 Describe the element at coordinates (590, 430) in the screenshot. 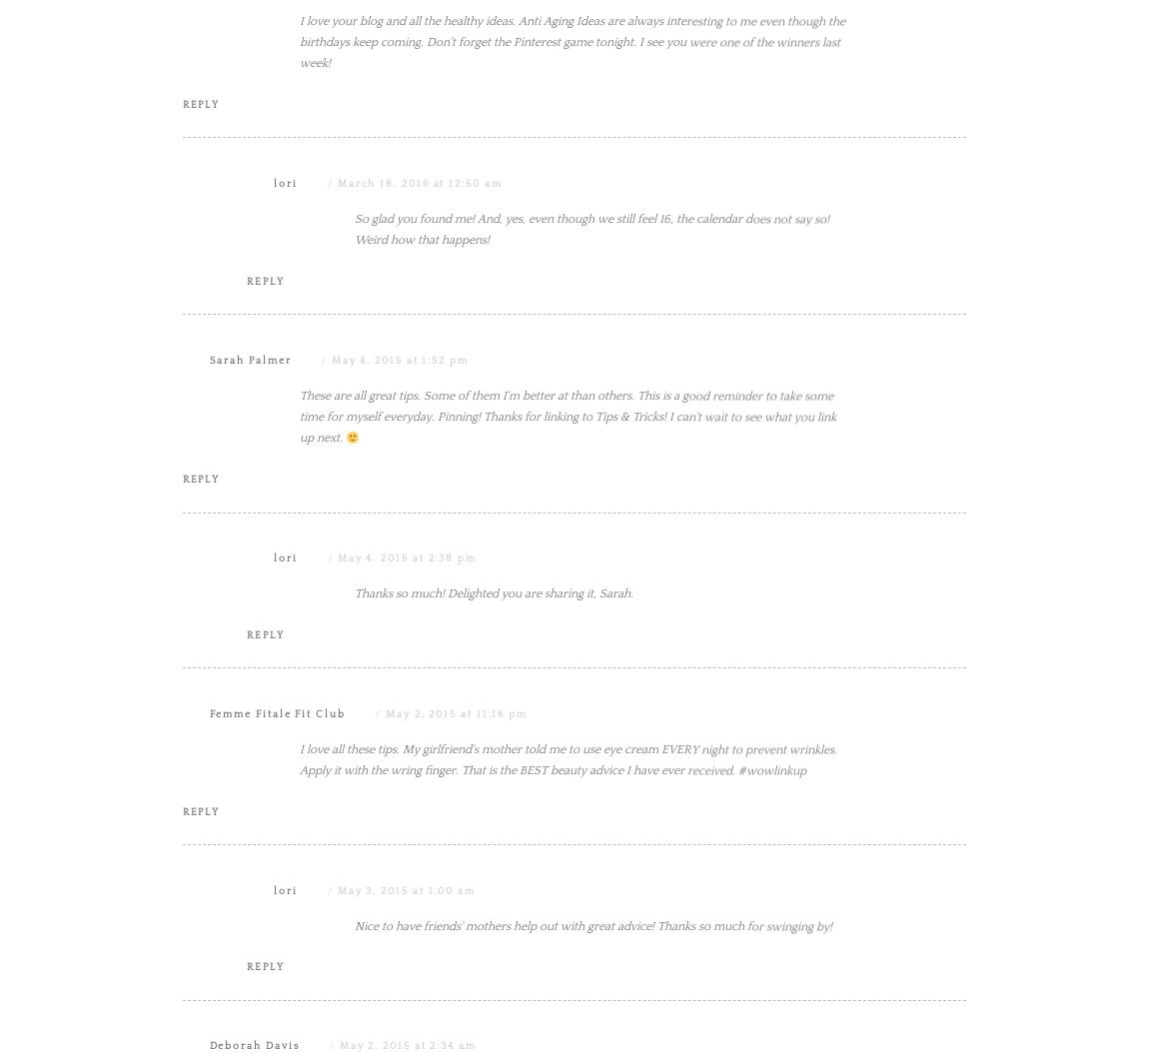

I see `'So glad you found me!  And, yes, even though we still feel 16, the calendar does not say so! Weird how that happens!'` at that location.